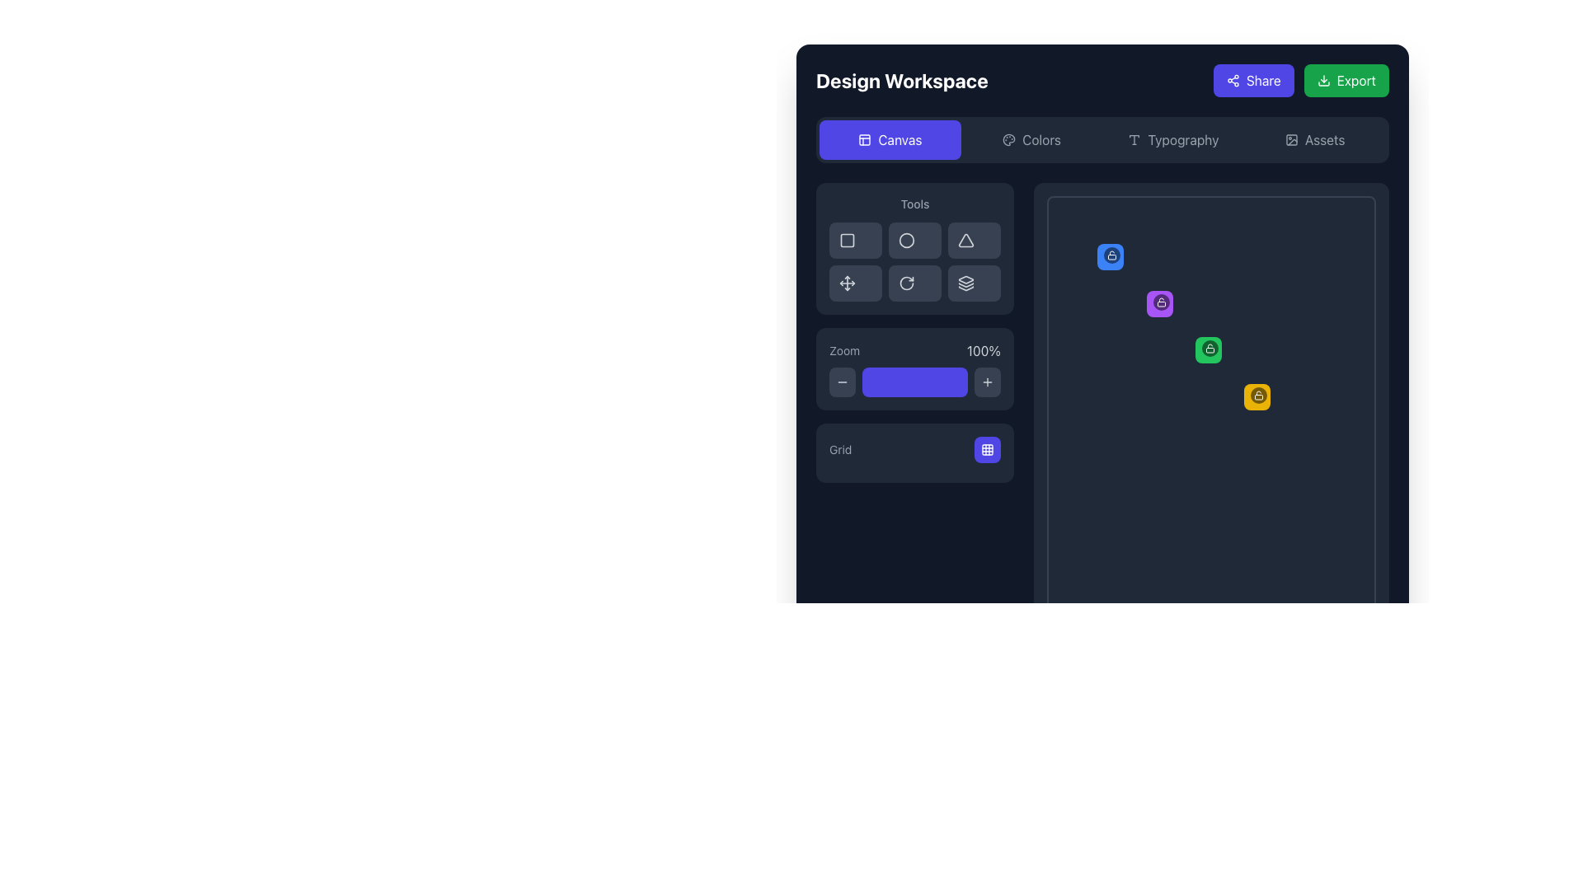 This screenshot has height=890, width=1583. I want to click on the Grid toggle icon located in the bottom section of the Tools panel, so click(988, 450).